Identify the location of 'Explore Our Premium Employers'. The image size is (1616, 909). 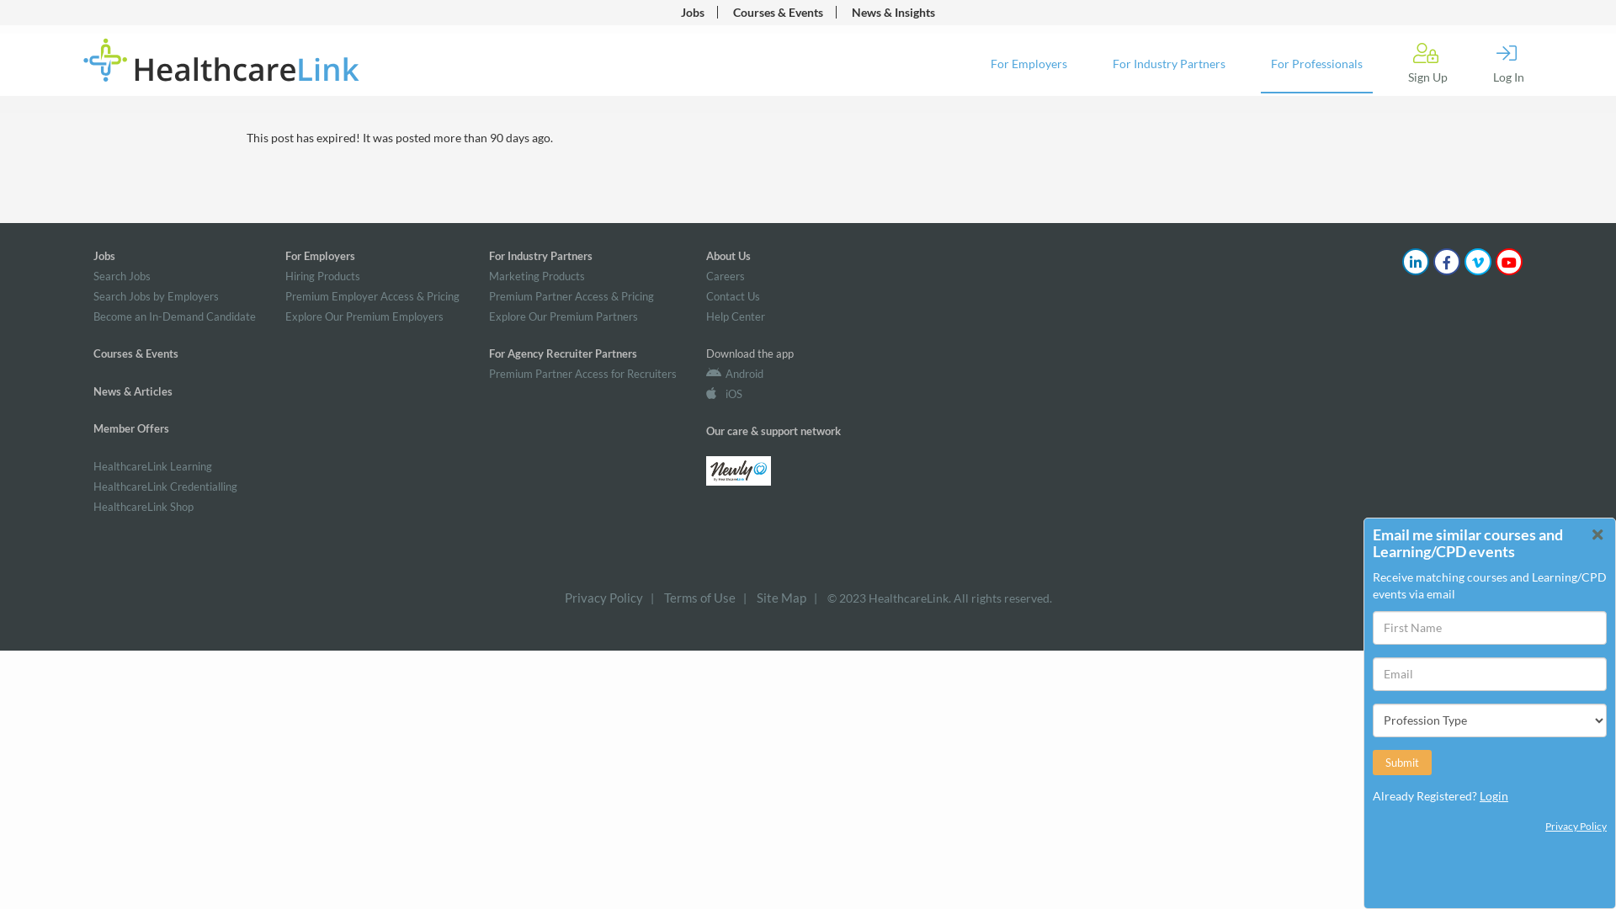
(363, 316).